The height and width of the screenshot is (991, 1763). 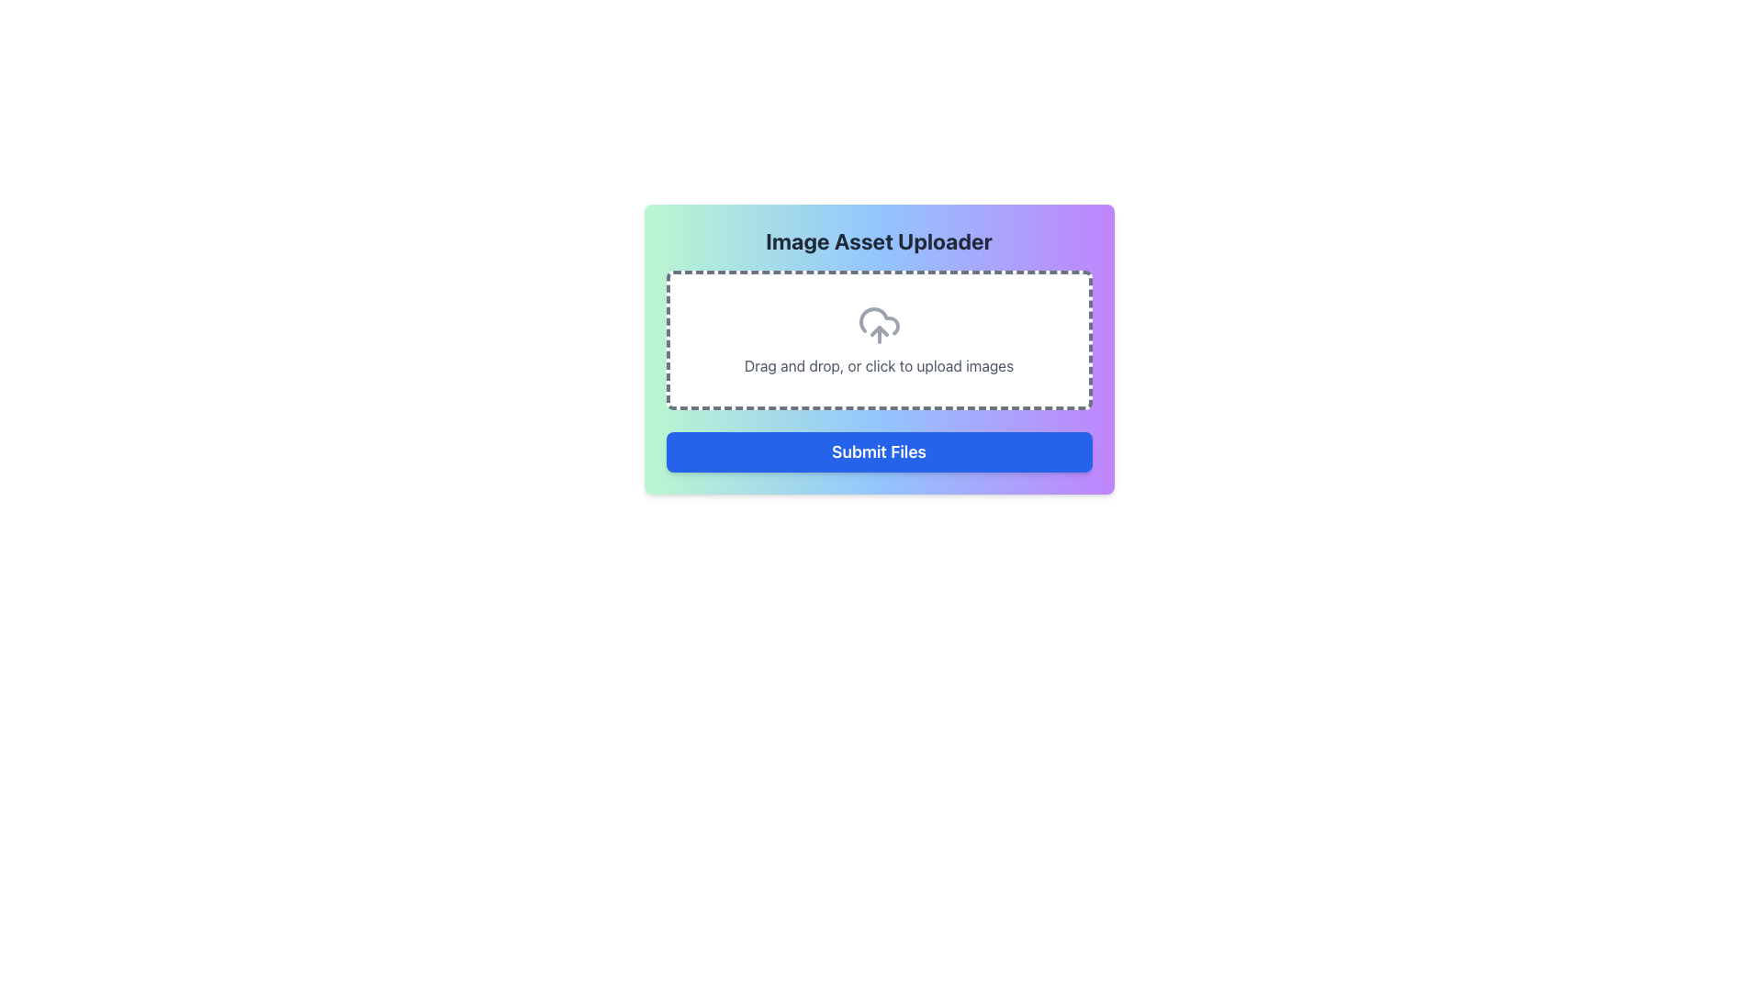 I want to click on the File Upload Box located below the title 'Image Asset Uploader', so click(x=878, y=340).